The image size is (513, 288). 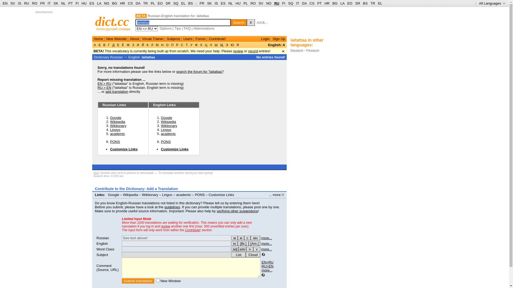 I want to click on 'EN', so click(x=5, y=3).